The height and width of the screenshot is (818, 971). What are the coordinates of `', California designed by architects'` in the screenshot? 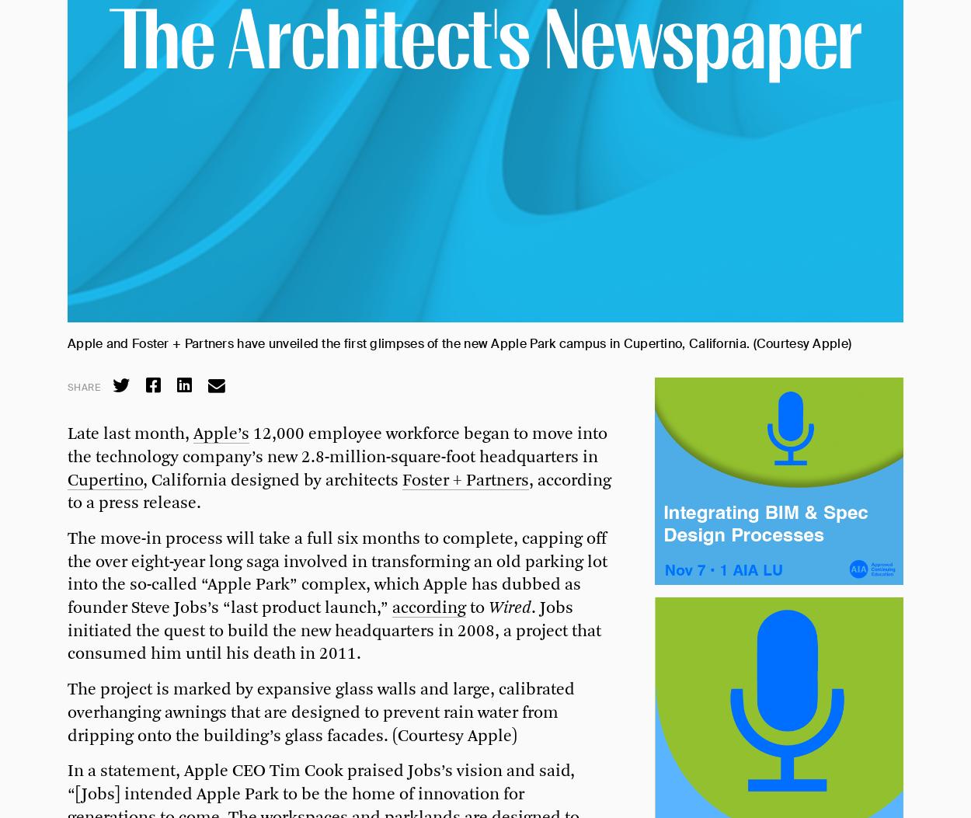 It's located at (272, 480).